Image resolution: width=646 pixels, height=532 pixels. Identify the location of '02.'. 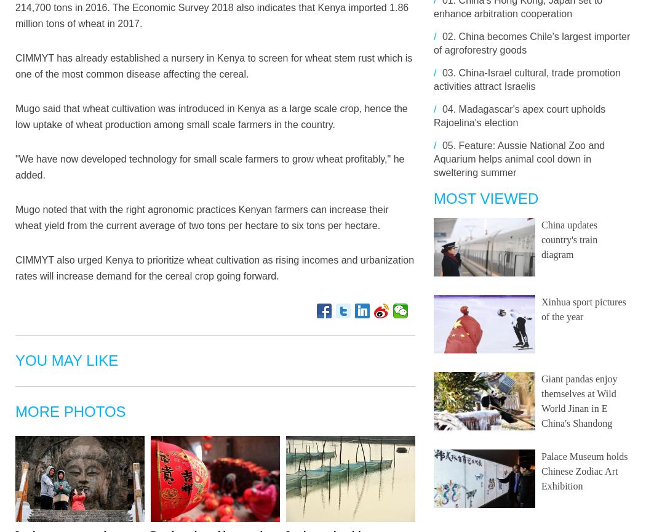
(448, 36).